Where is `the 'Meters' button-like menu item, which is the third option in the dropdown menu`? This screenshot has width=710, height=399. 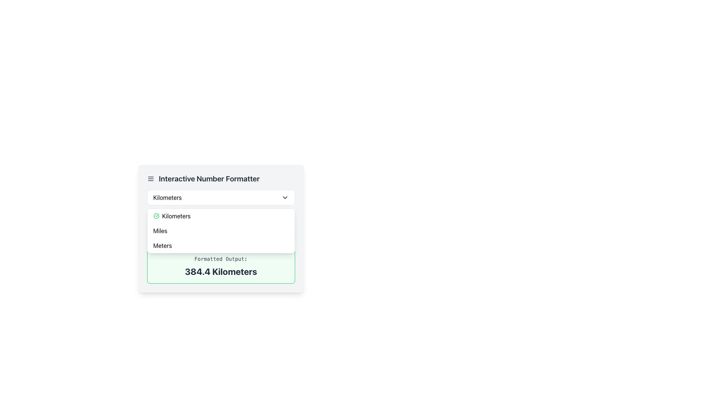
the 'Meters' button-like menu item, which is the third option in the dropdown menu is located at coordinates (220, 245).